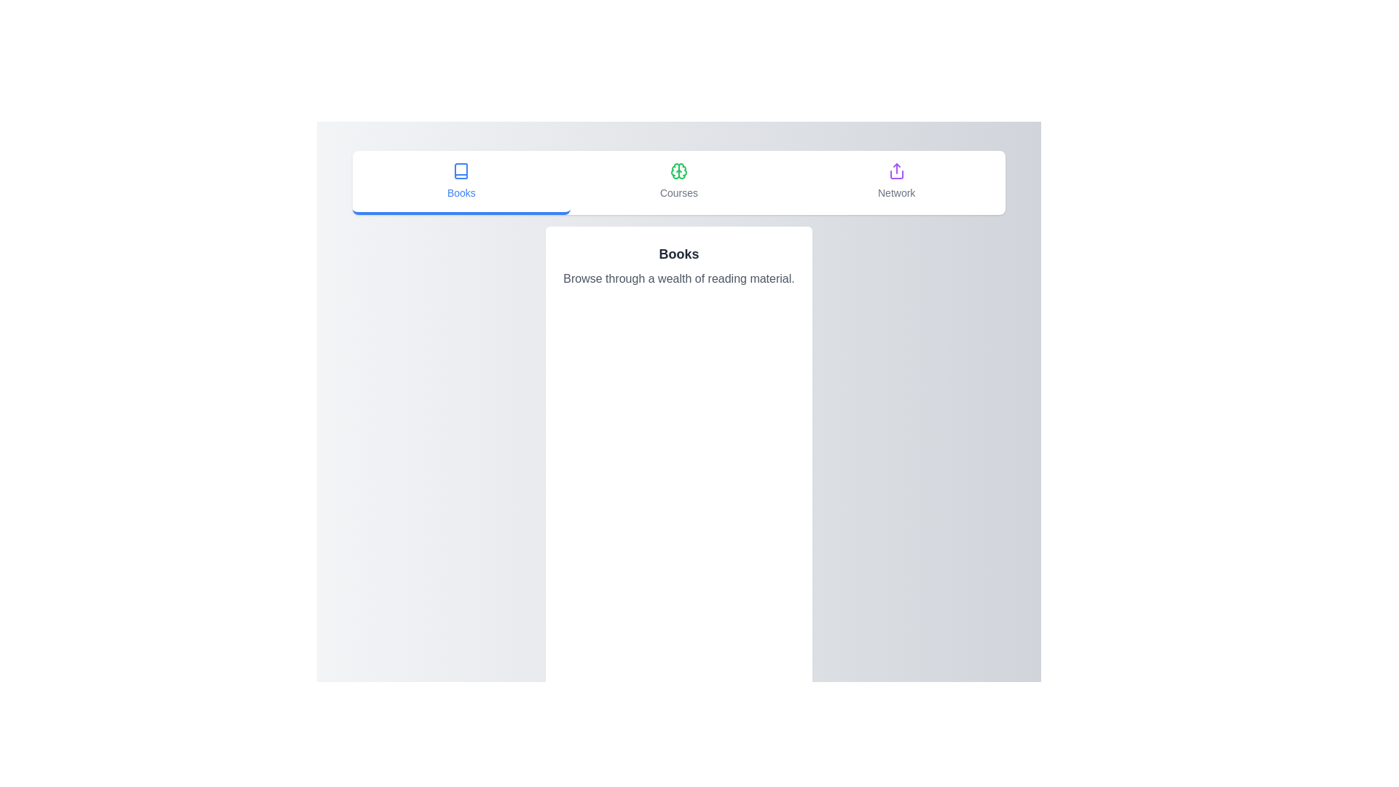  Describe the element at coordinates (678, 181) in the screenshot. I see `the tab labeled Courses` at that location.